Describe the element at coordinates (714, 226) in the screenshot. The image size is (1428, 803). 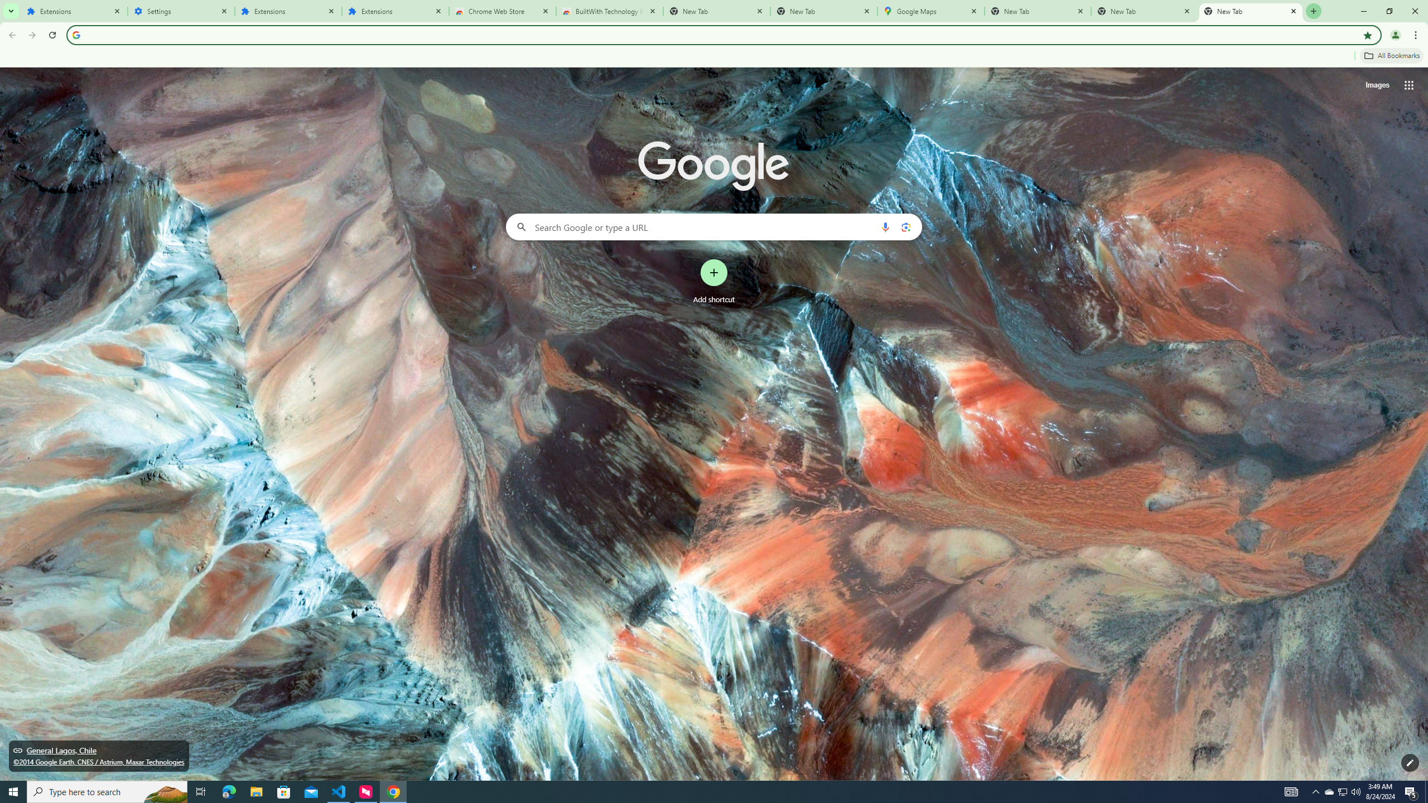
I see `'Search Google or type a URL'` at that location.